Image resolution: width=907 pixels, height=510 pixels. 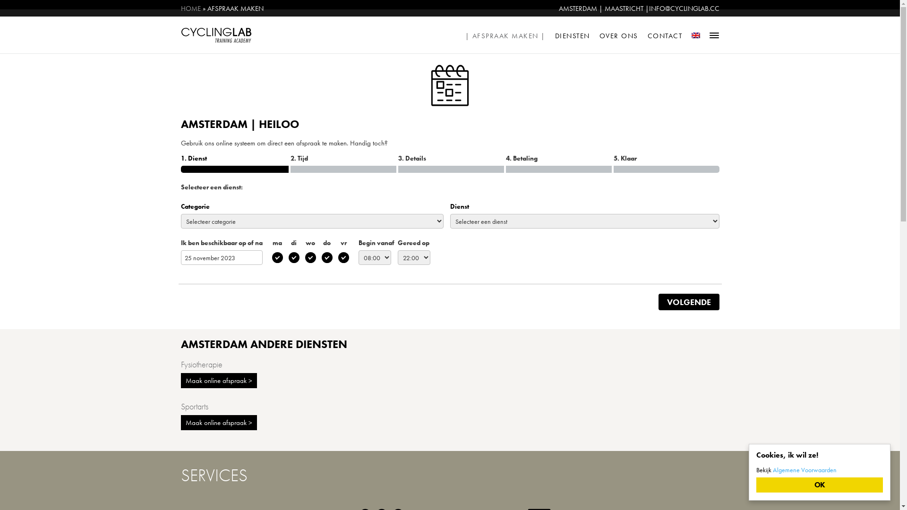 I want to click on 'HOME', so click(x=190, y=8).